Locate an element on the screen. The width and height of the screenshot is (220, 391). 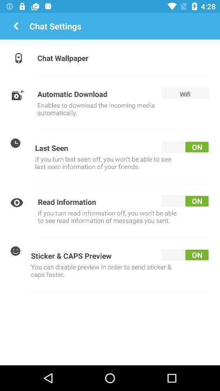
the last icon is located at coordinates (15, 250).